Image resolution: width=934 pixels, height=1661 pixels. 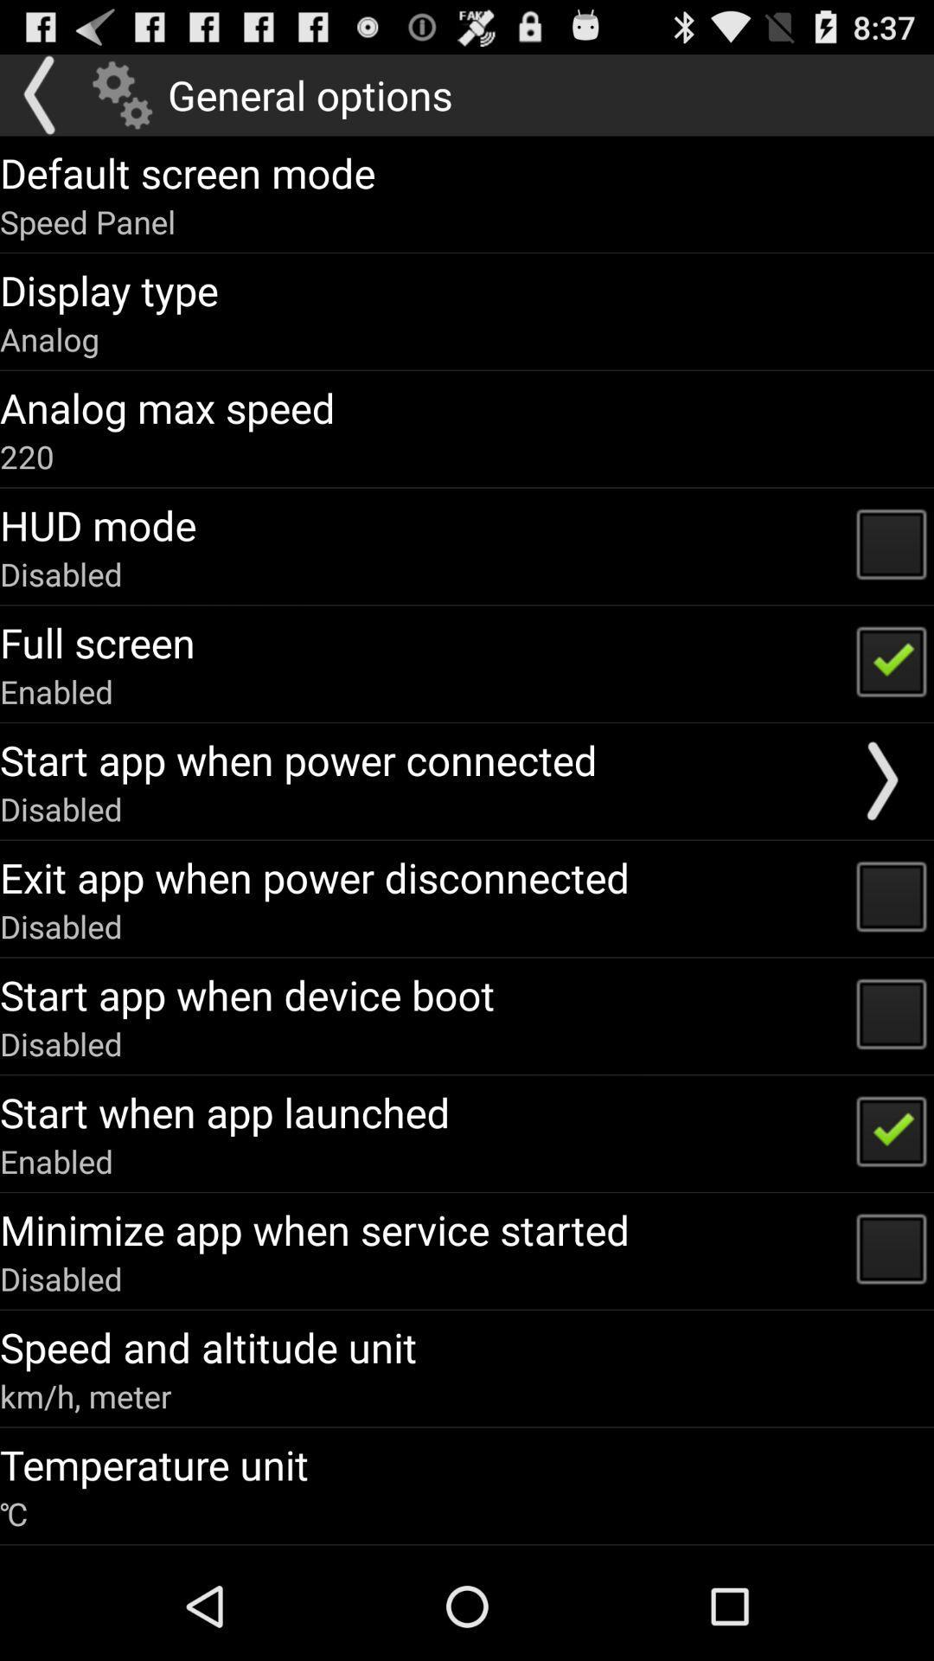 What do you see at coordinates (109, 290) in the screenshot?
I see `the display type icon` at bounding box center [109, 290].